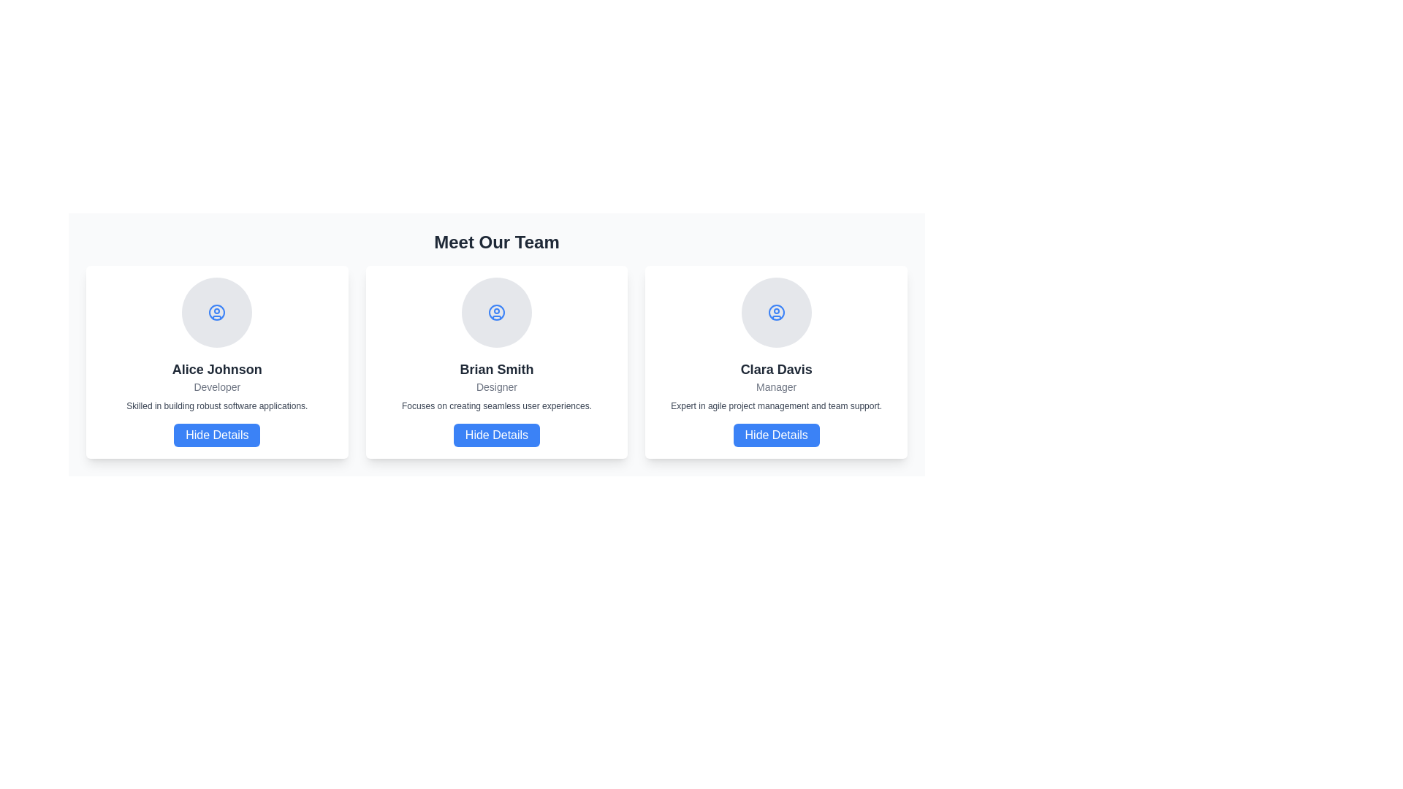 The width and height of the screenshot is (1403, 789). What do you see at coordinates (775, 312) in the screenshot?
I see `the user profile icon representing Clara Davis, located in the top circular area of the profile card in the 'Meet Our Team' section` at bounding box center [775, 312].